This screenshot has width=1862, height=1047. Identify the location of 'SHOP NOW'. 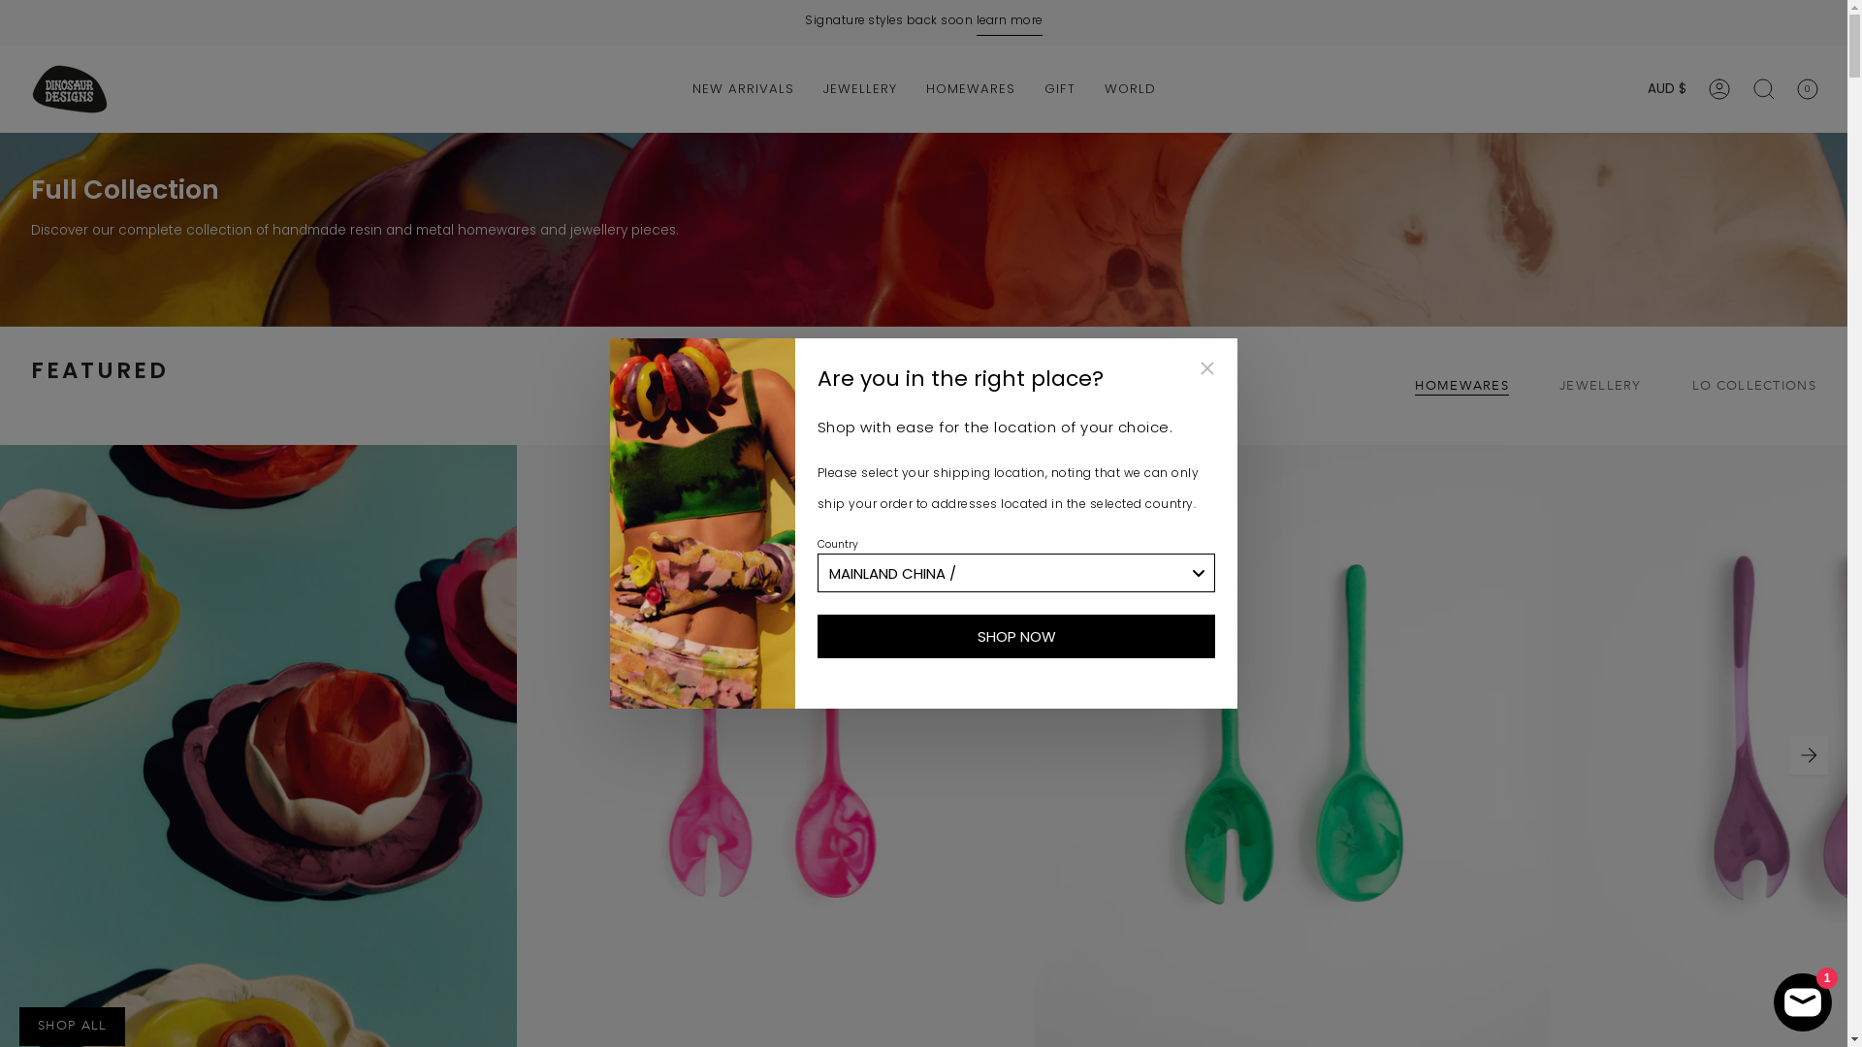
(1015, 636).